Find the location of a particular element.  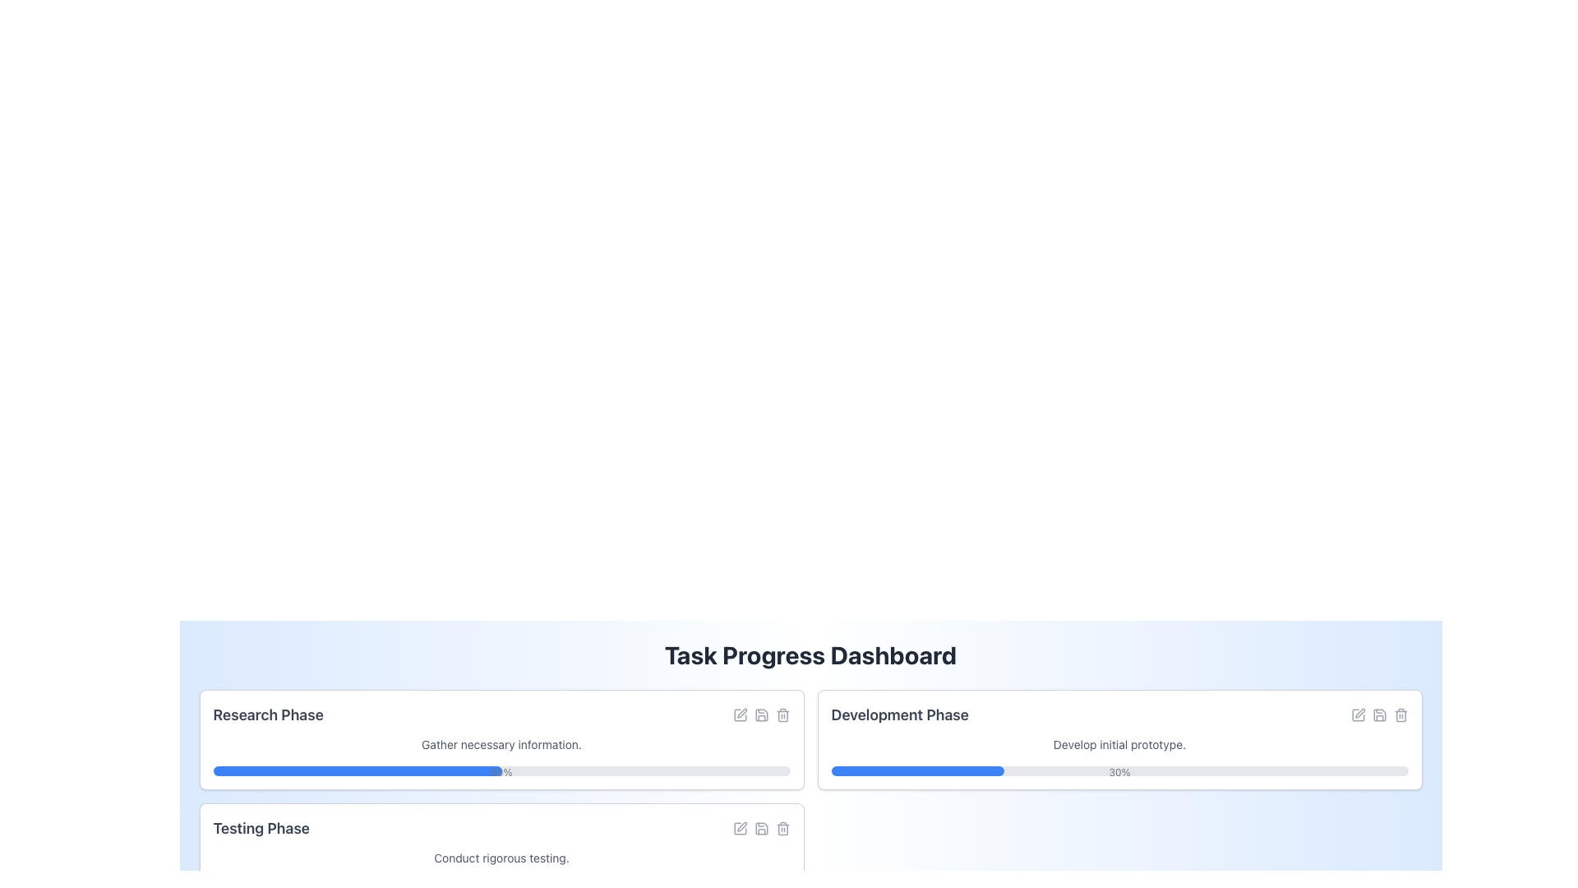

the 'Research Phase' informational card with integrated progress bar located in the top-left part of the project management interface is located at coordinates (501, 738).